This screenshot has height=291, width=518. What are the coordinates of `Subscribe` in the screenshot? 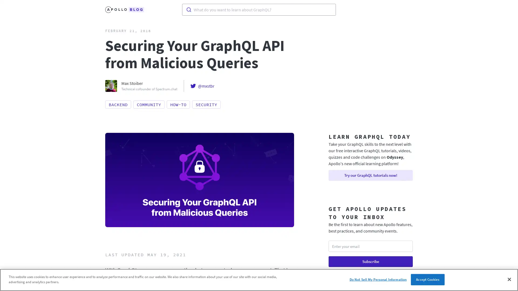 It's located at (370, 261).